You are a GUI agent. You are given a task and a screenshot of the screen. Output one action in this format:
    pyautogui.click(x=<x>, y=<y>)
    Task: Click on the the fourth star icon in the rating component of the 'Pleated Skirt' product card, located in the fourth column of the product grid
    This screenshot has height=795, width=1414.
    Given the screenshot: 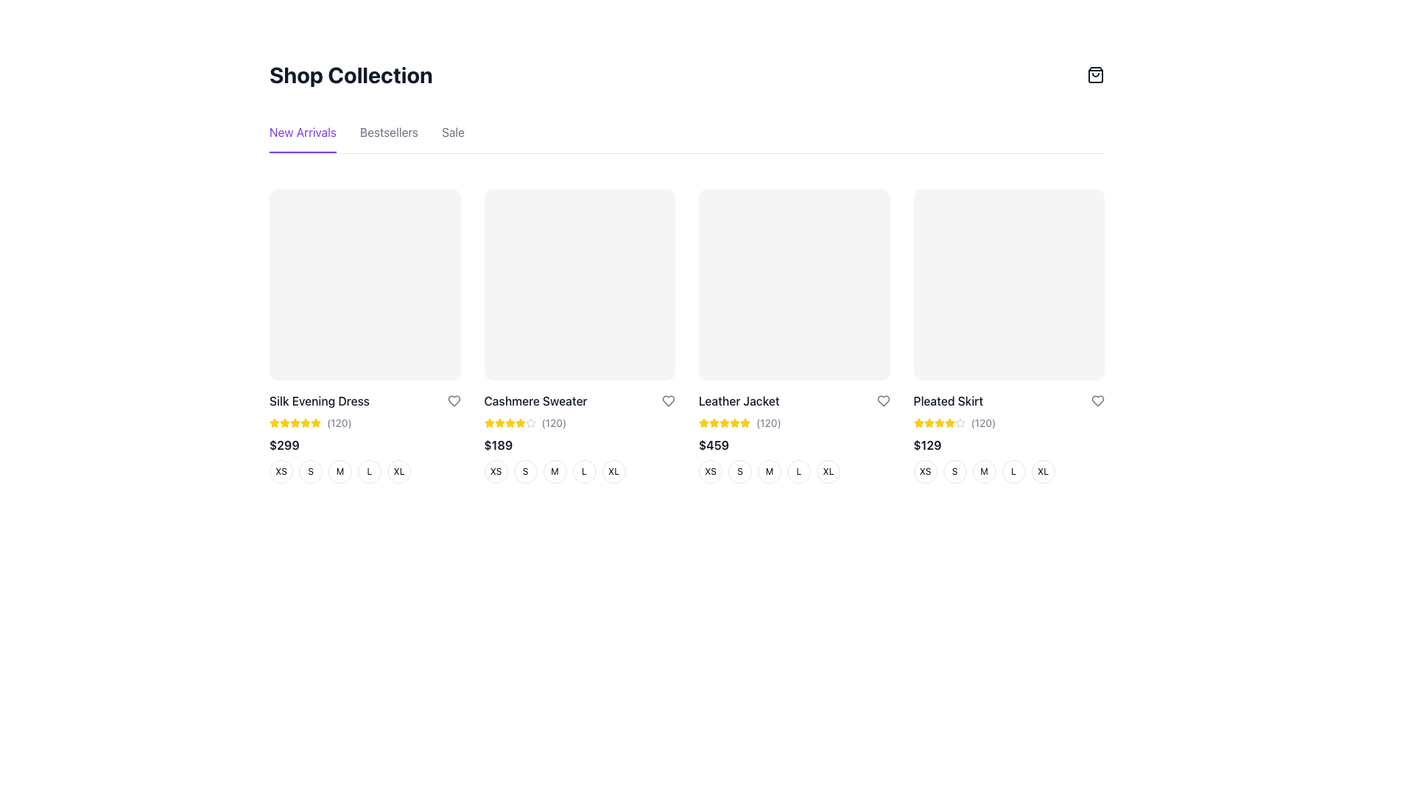 What is the action you would take?
    pyautogui.click(x=949, y=423)
    